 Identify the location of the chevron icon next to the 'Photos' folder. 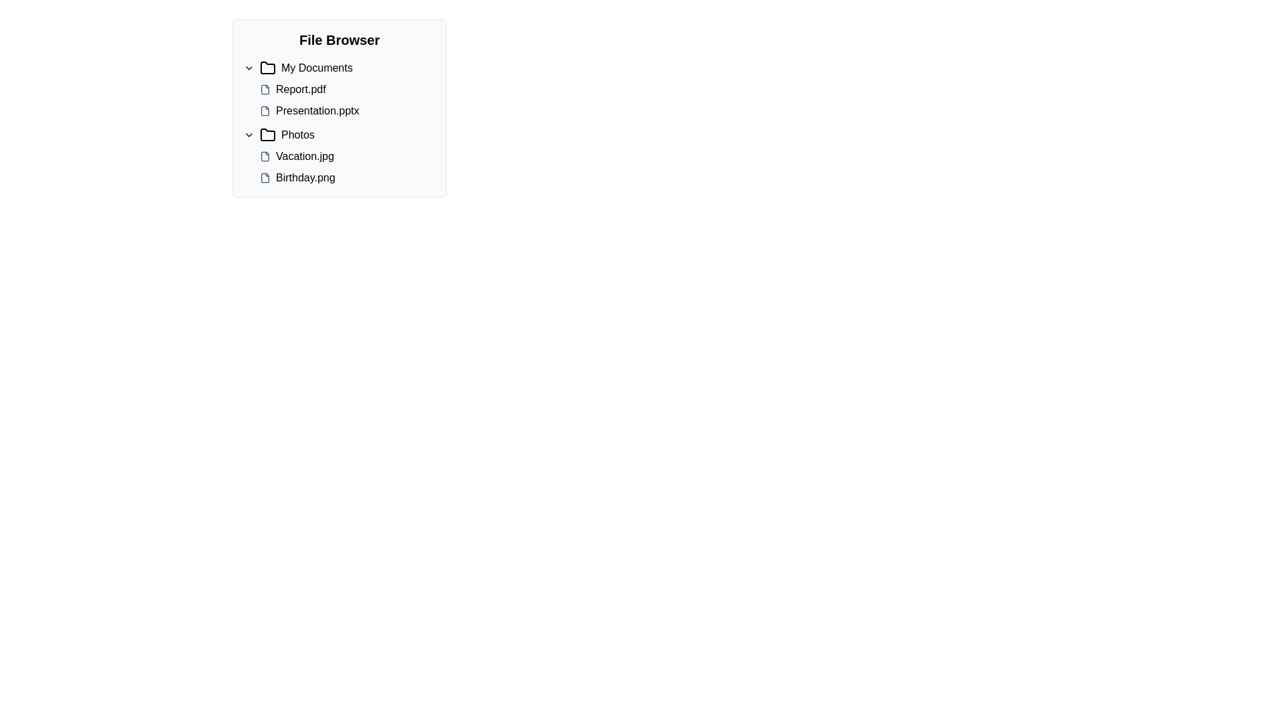
(249, 135).